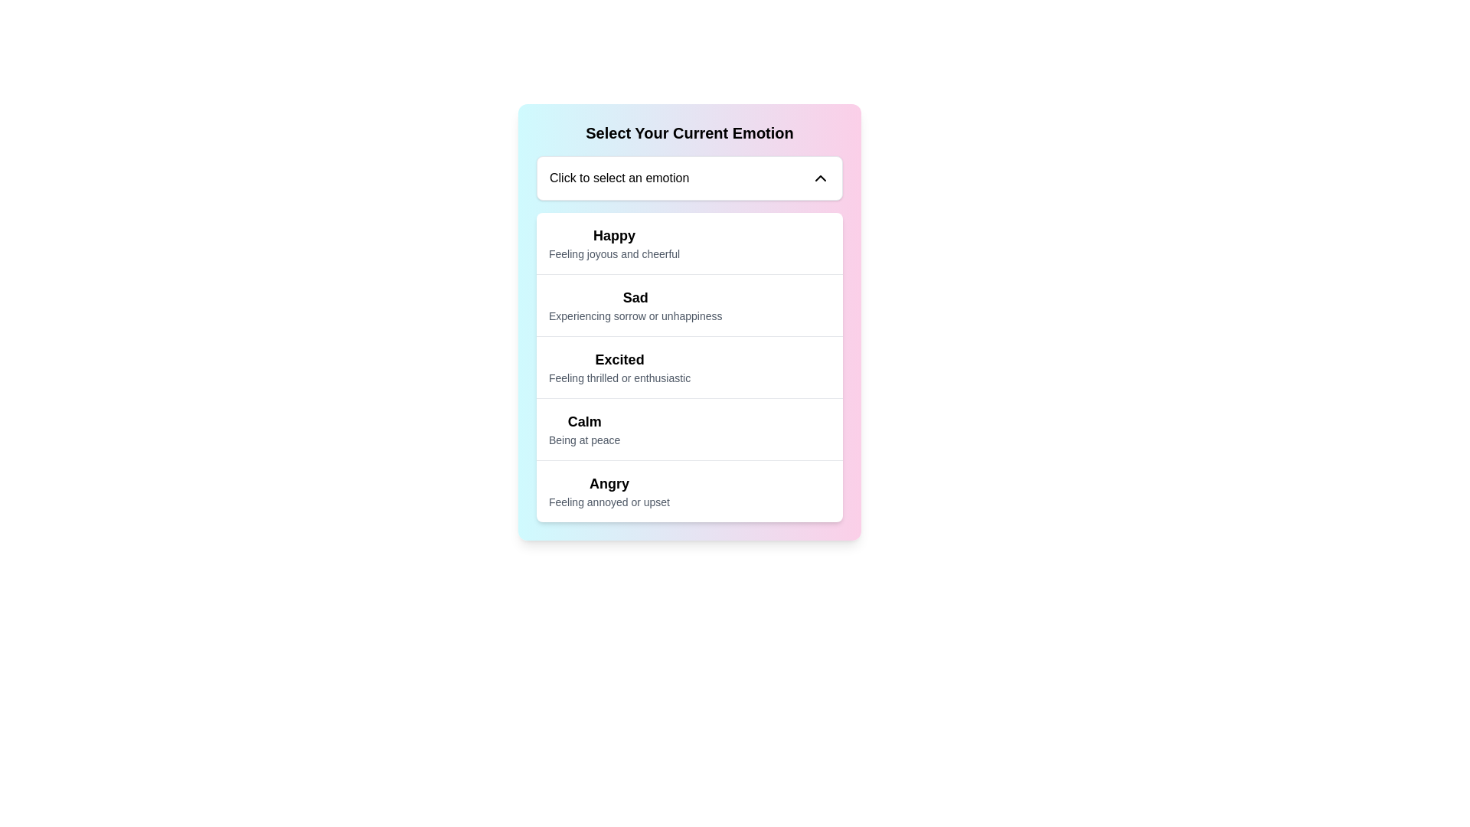 The image size is (1470, 827). I want to click on the static text label indicating the 'Sad' emotion in the dropdown list, which is positioned at the upper part of its containing card, so click(635, 298).